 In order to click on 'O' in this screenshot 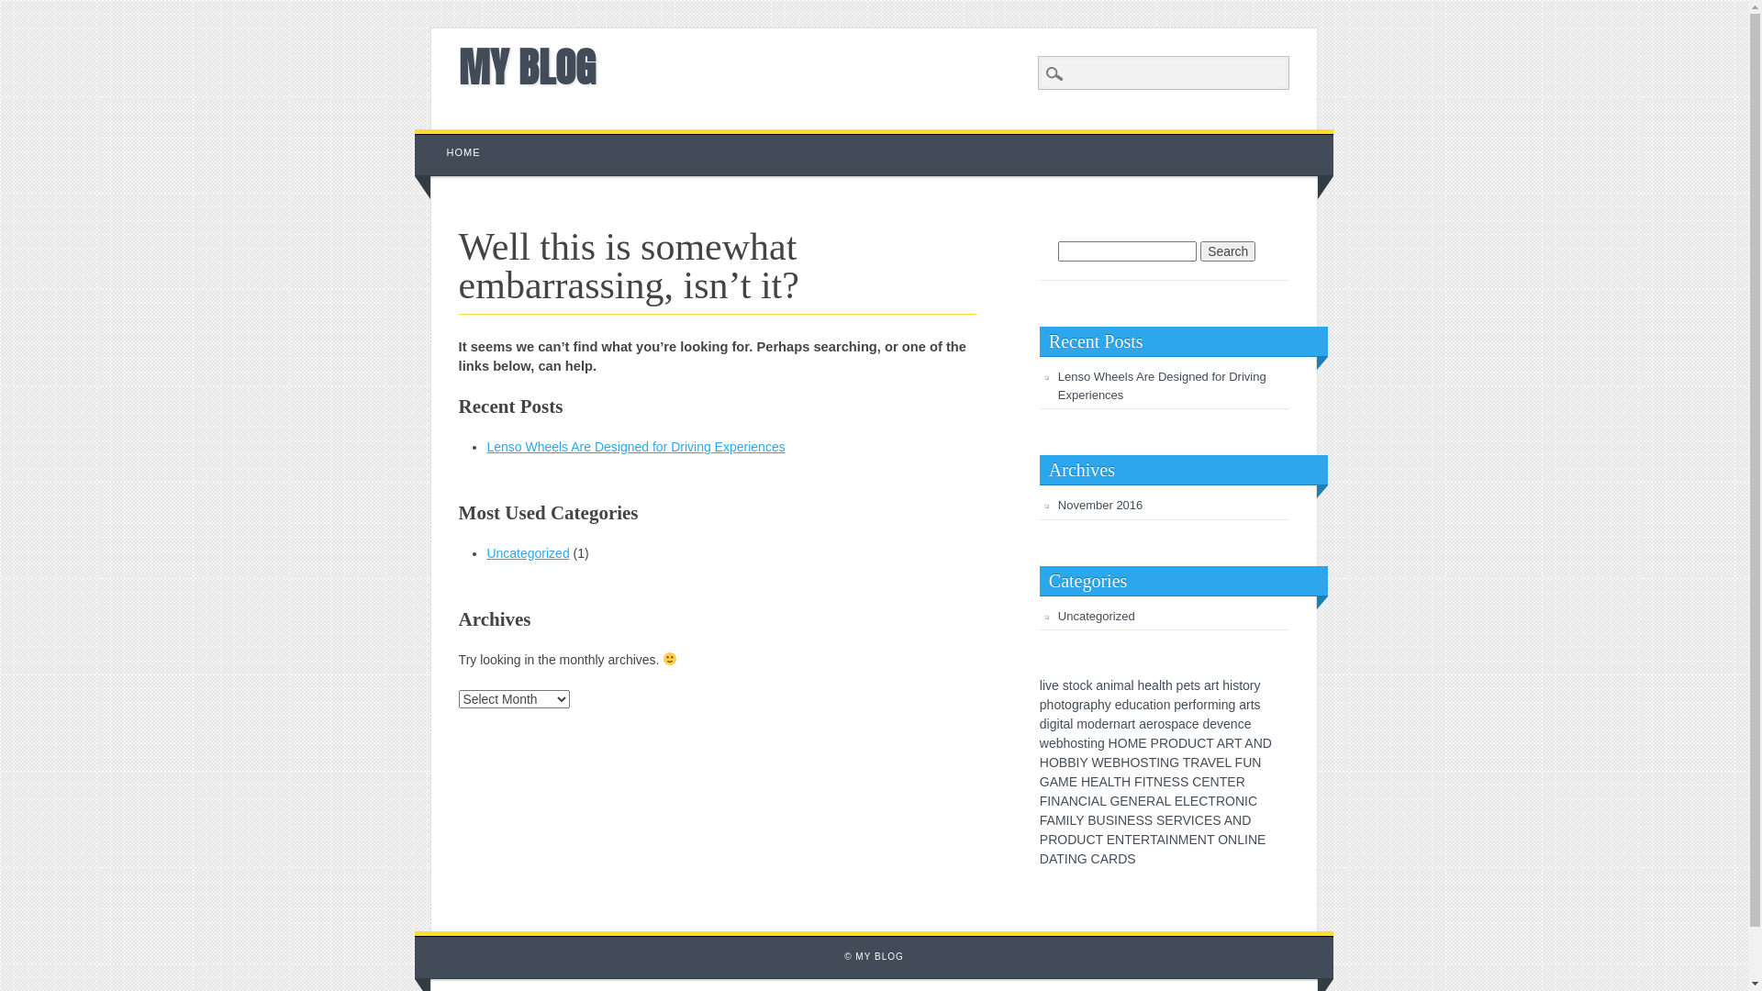, I will do `click(1172, 743)`.